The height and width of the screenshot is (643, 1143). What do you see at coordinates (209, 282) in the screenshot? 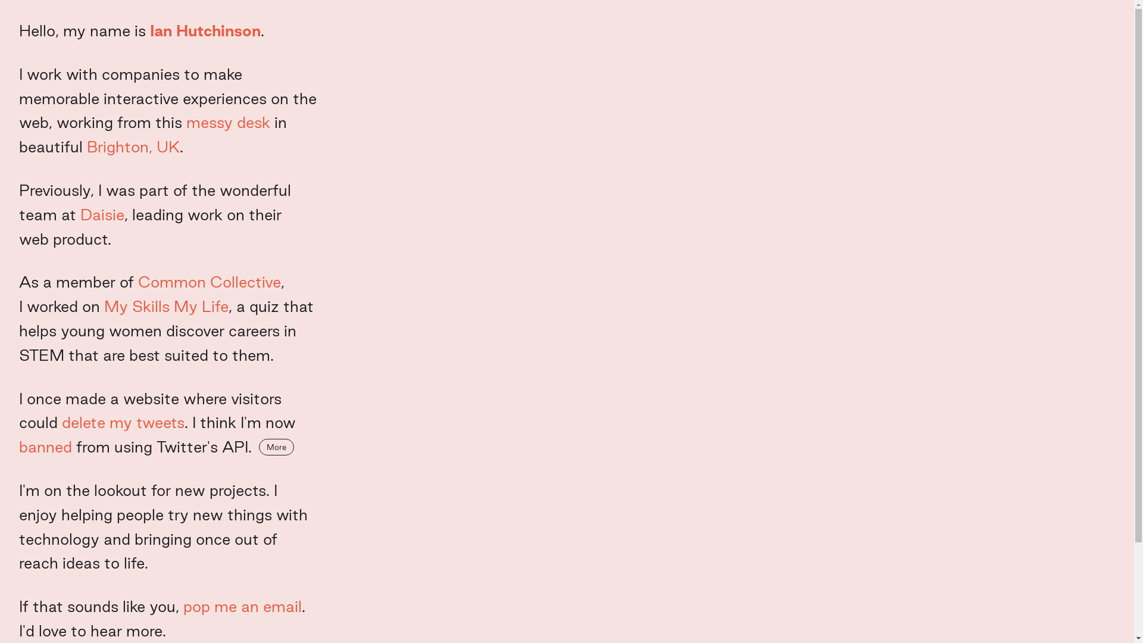
I see `'Common Collective'` at bounding box center [209, 282].